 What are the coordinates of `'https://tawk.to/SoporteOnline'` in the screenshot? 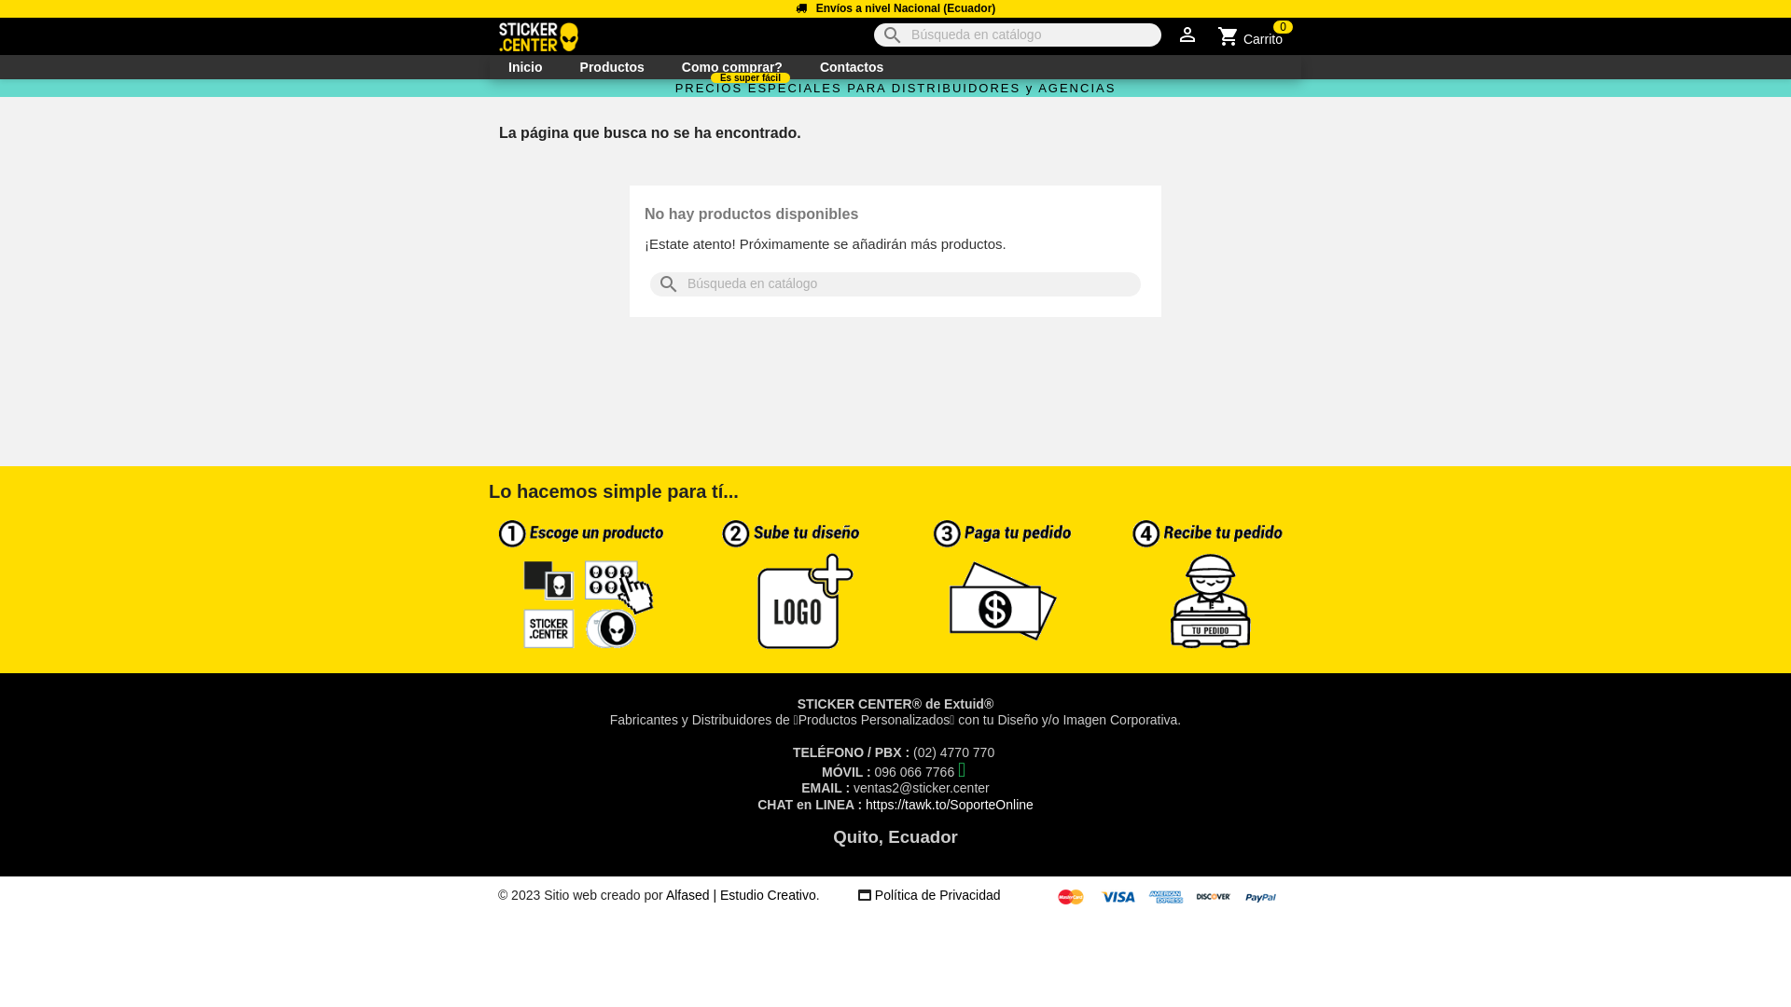 It's located at (949, 804).